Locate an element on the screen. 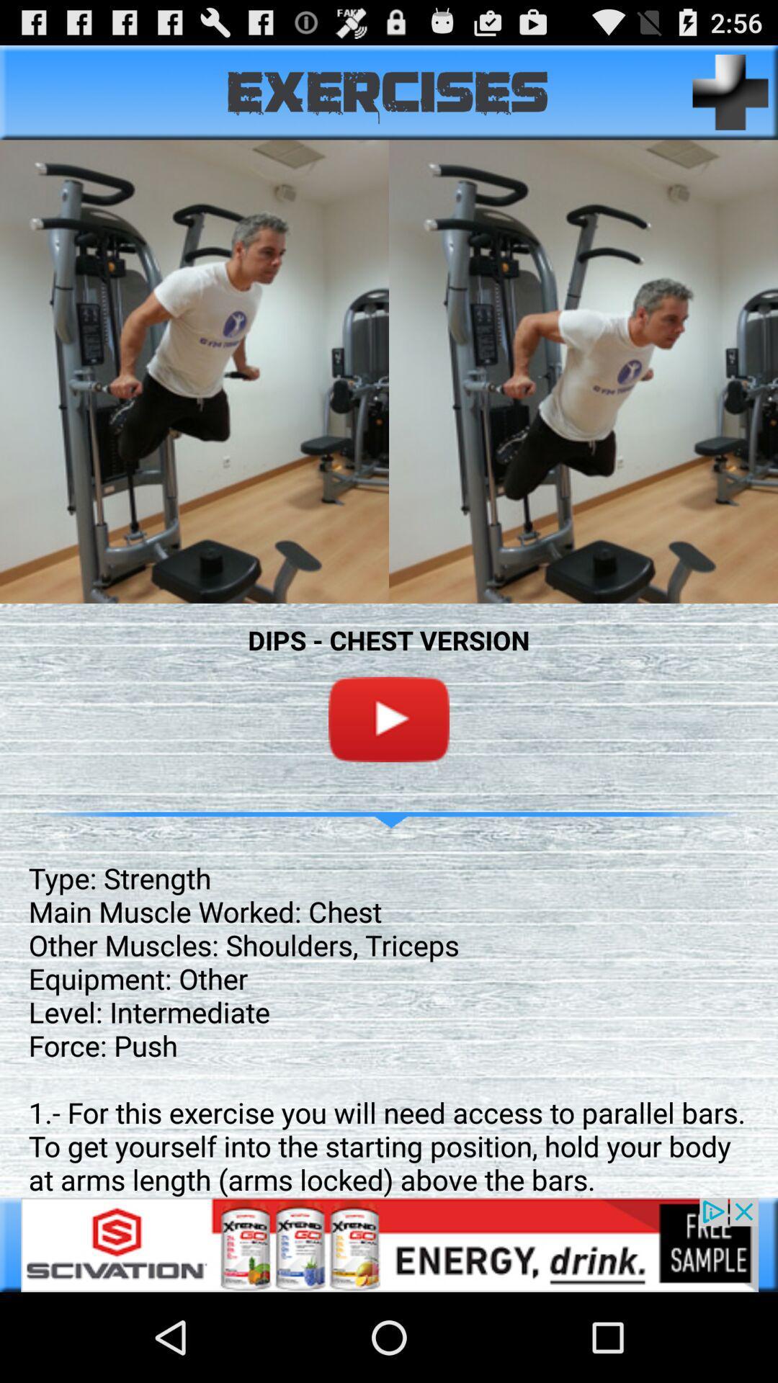  on youtube is located at coordinates (389, 719).